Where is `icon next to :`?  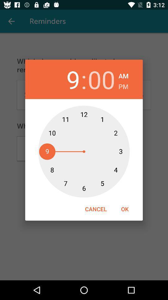 icon next to : is located at coordinates (66, 79).